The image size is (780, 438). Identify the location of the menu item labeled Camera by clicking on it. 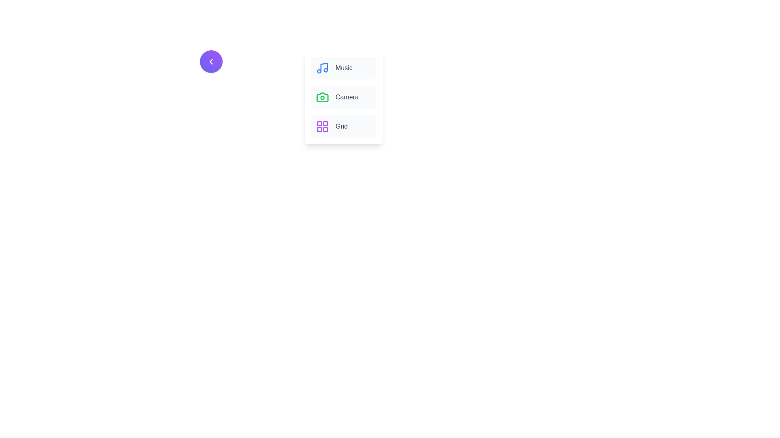
(343, 97).